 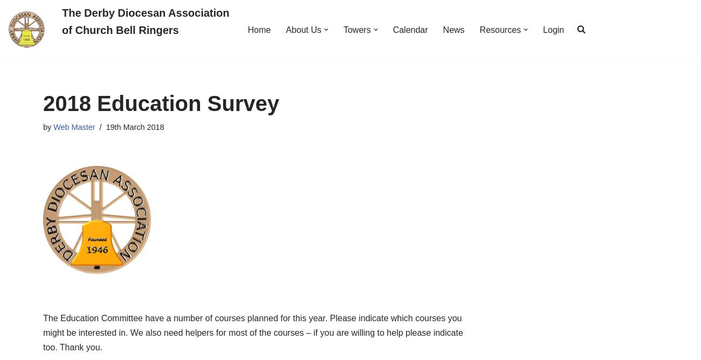 What do you see at coordinates (373, 269) in the screenshot?
I see `'Training Request'` at bounding box center [373, 269].